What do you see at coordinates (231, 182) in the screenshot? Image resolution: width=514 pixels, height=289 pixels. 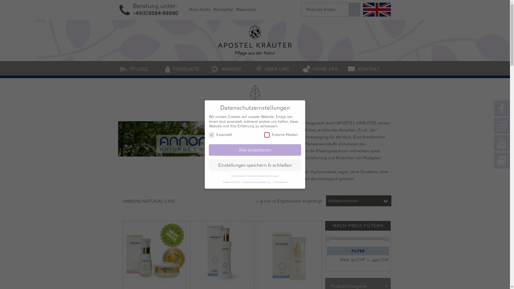 I see `'Cookie-Details'` at bounding box center [231, 182].